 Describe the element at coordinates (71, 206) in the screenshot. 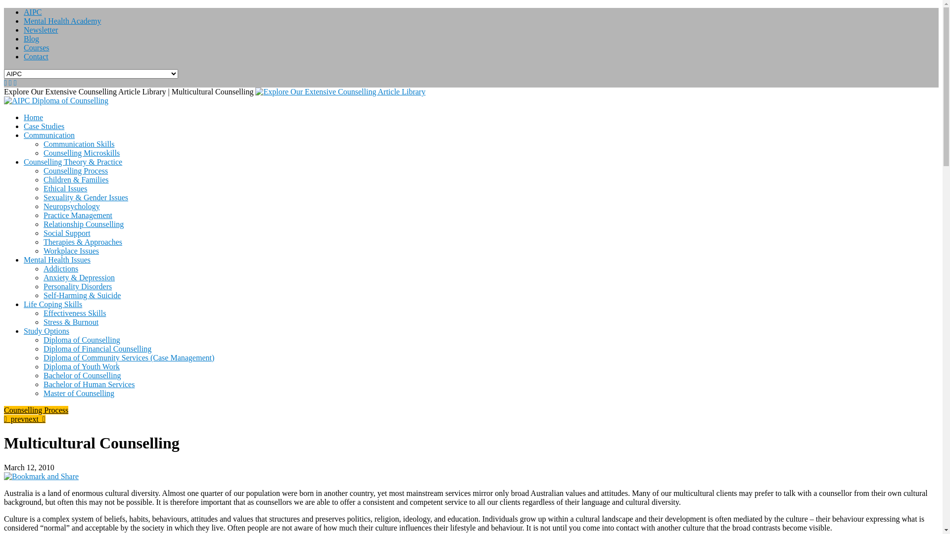

I see `'Neuropsychology'` at that location.